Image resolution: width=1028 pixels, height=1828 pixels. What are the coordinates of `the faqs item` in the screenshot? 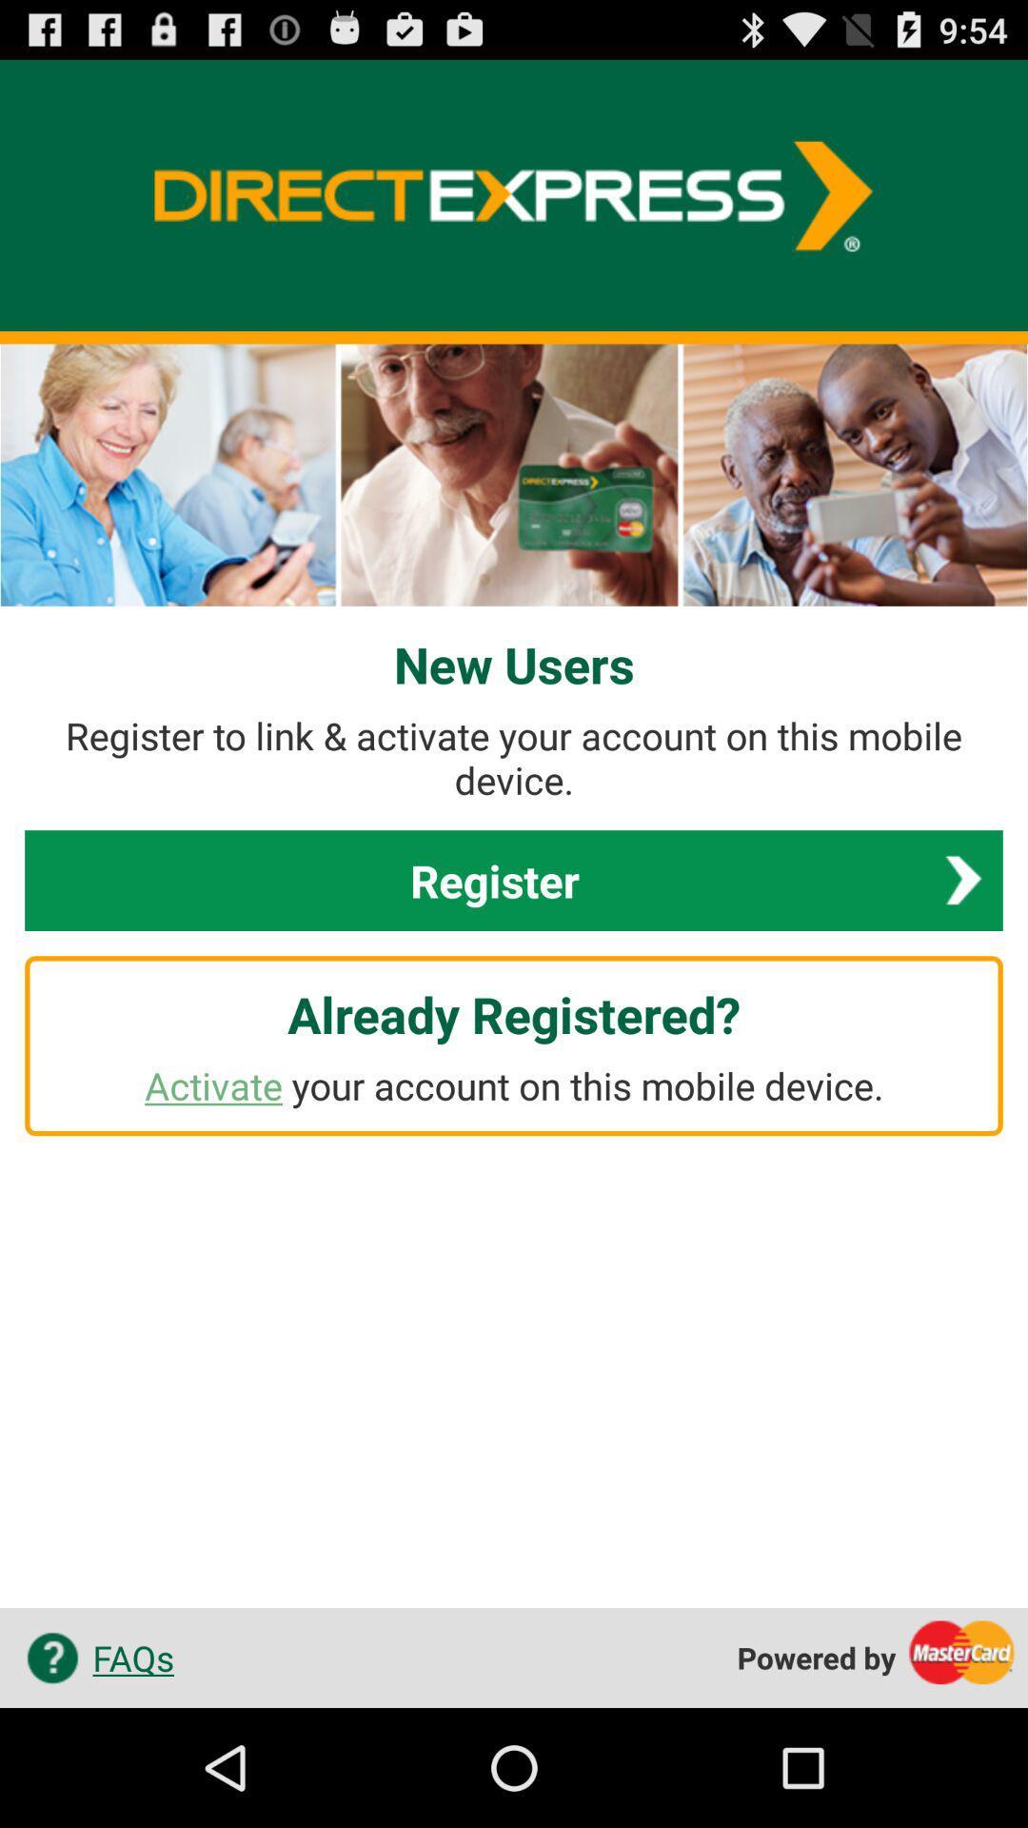 It's located at (93, 1657).